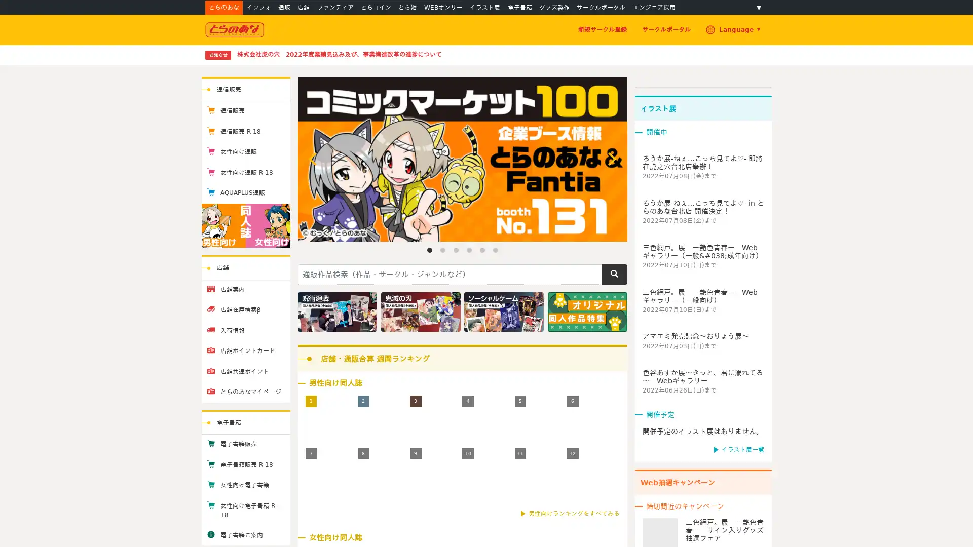  Describe the element at coordinates (313, 159) in the screenshot. I see `Previous` at that location.